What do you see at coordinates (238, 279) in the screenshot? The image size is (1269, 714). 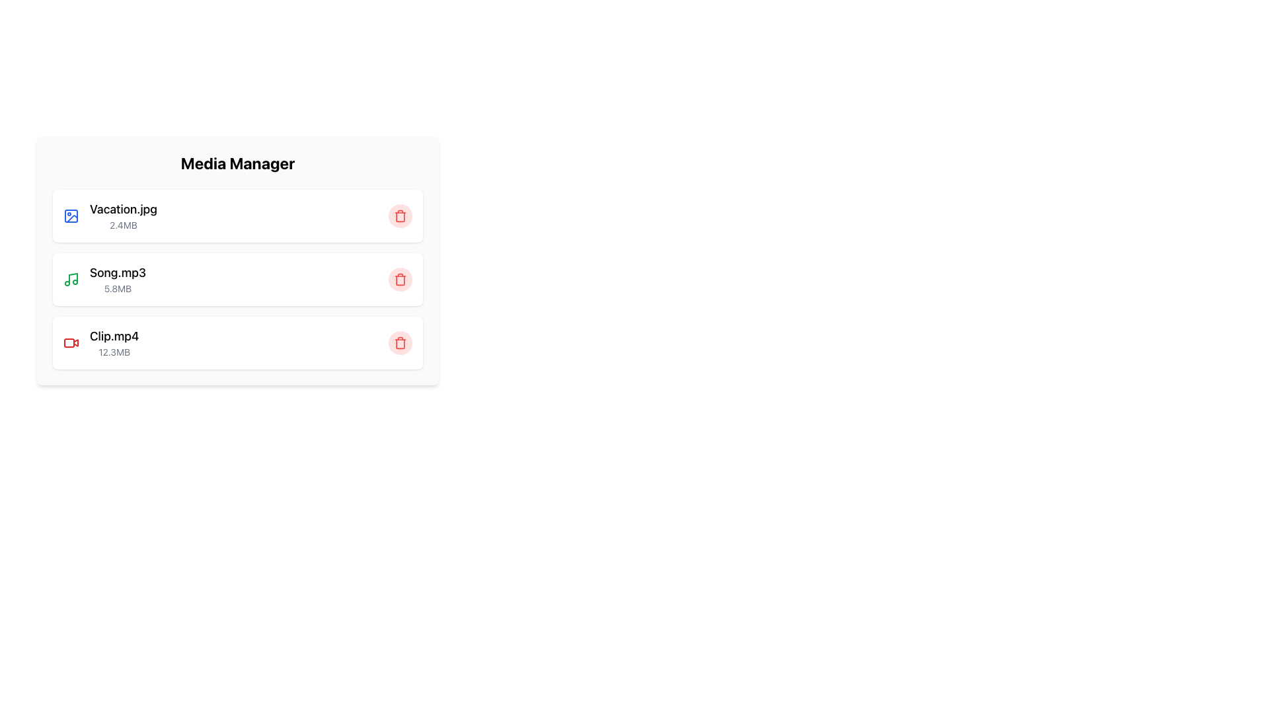 I see `the file entry for 'Song.mp3'` at bounding box center [238, 279].